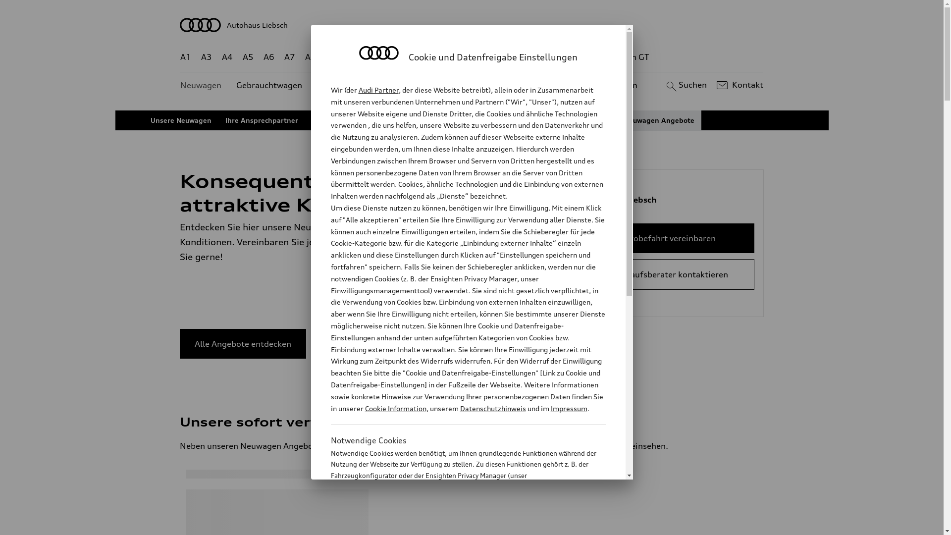 The width and height of the screenshot is (951, 535). What do you see at coordinates (368, 57) in the screenshot?
I see `'Q4 e-tron'` at bounding box center [368, 57].